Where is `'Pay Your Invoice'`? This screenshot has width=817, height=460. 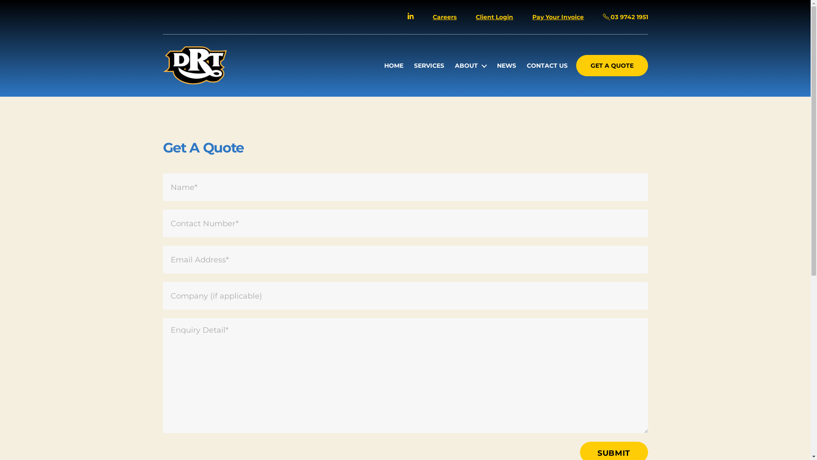
'Pay Your Invoice' is located at coordinates (558, 17).